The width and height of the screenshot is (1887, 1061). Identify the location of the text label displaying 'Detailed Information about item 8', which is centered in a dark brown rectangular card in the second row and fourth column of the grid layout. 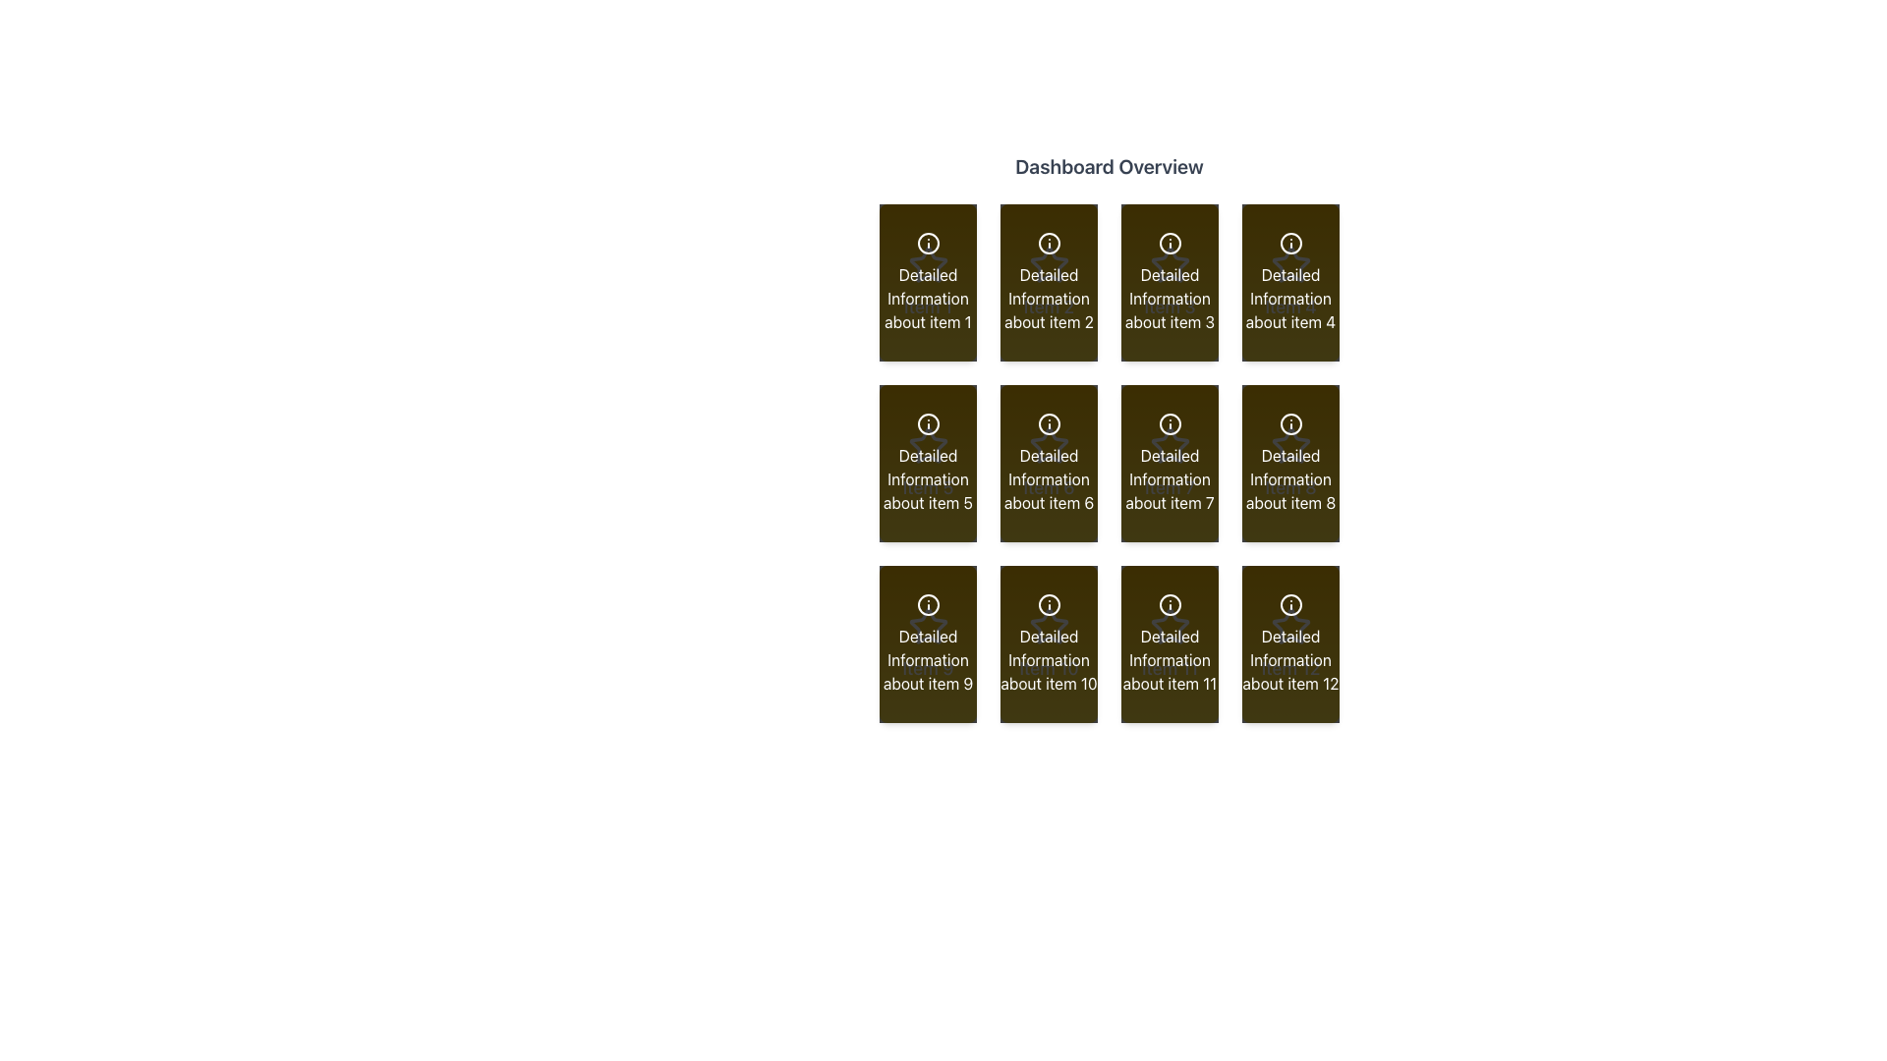
(1290, 479).